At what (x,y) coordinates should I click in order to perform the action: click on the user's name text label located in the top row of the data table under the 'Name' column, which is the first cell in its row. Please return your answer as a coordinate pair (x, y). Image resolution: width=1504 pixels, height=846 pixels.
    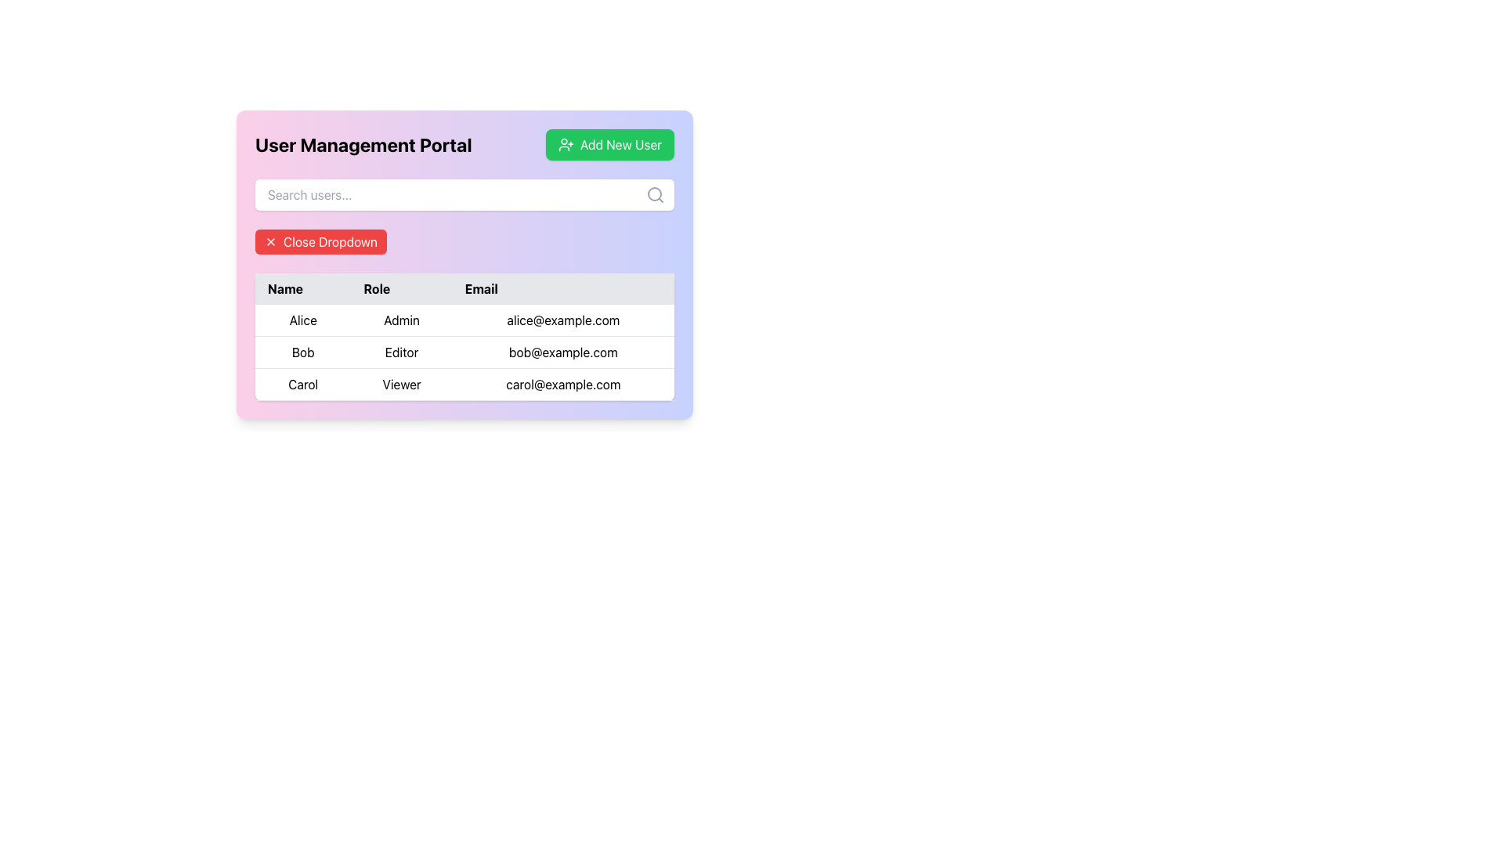
    Looking at the image, I should click on (303, 320).